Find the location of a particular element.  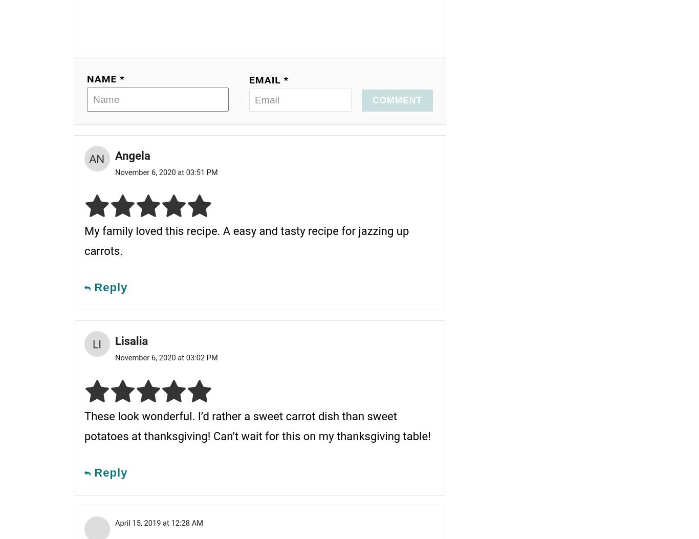

'November 6, 2020 at 03:02 PM' is located at coordinates (166, 357).